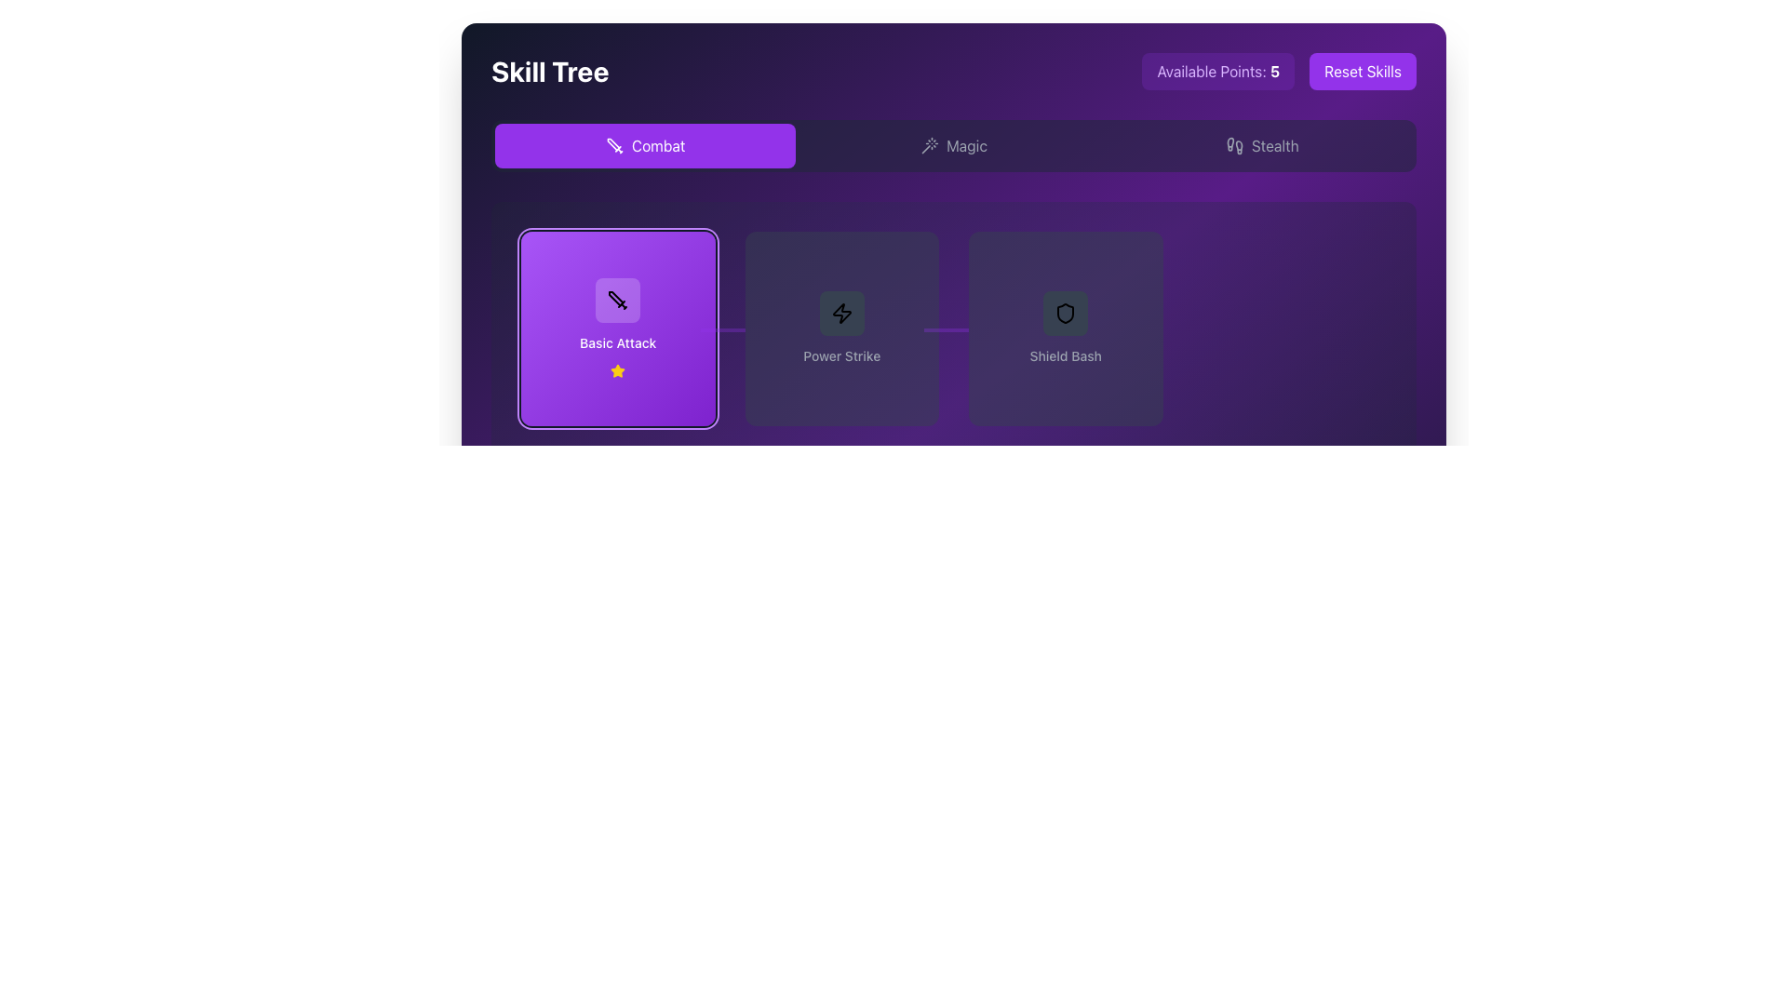 The width and height of the screenshot is (1787, 1005). What do you see at coordinates (929, 145) in the screenshot?
I see `the 'Magic' icon located under the 'Skill Tree' title, positioned between the 'Combat' and 'Stealth' elements` at bounding box center [929, 145].